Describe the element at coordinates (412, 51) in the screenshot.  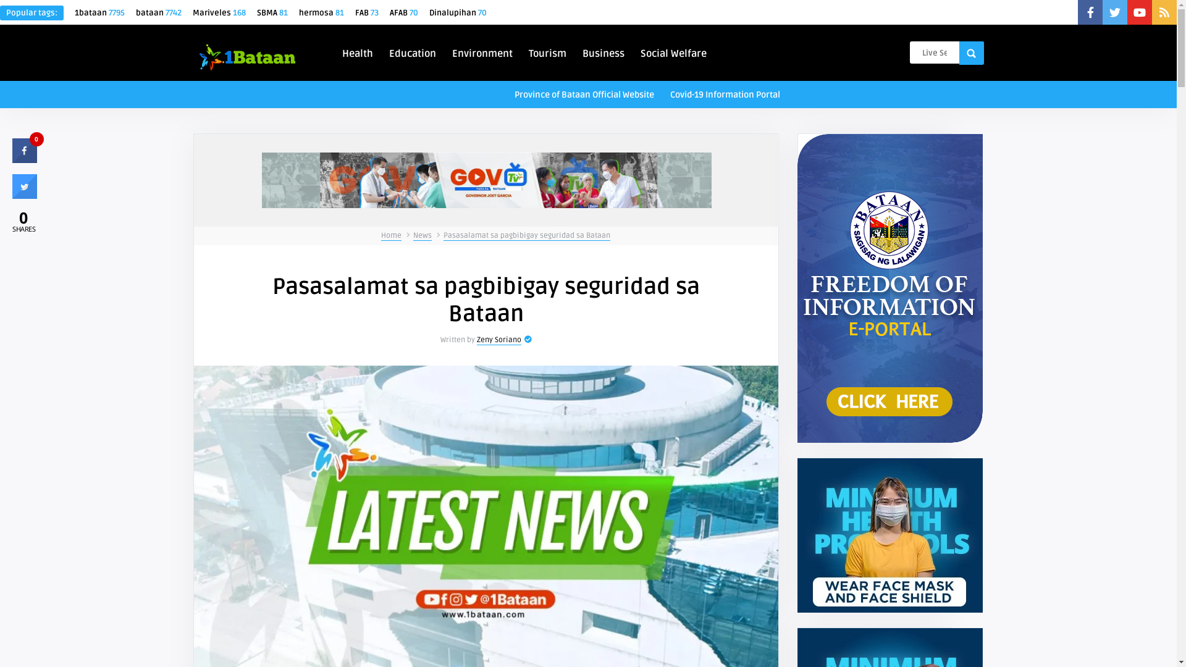
I see `'Education'` at that location.